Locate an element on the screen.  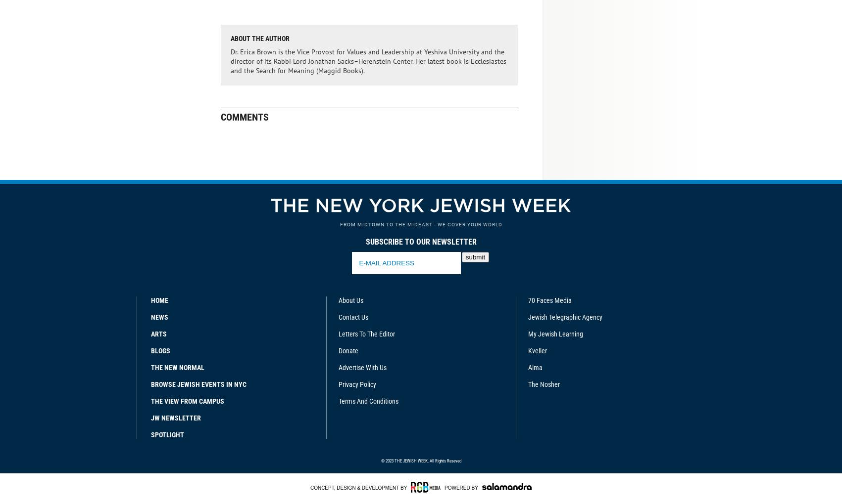
'Letters to the editor' is located at coordinates (337, 334).